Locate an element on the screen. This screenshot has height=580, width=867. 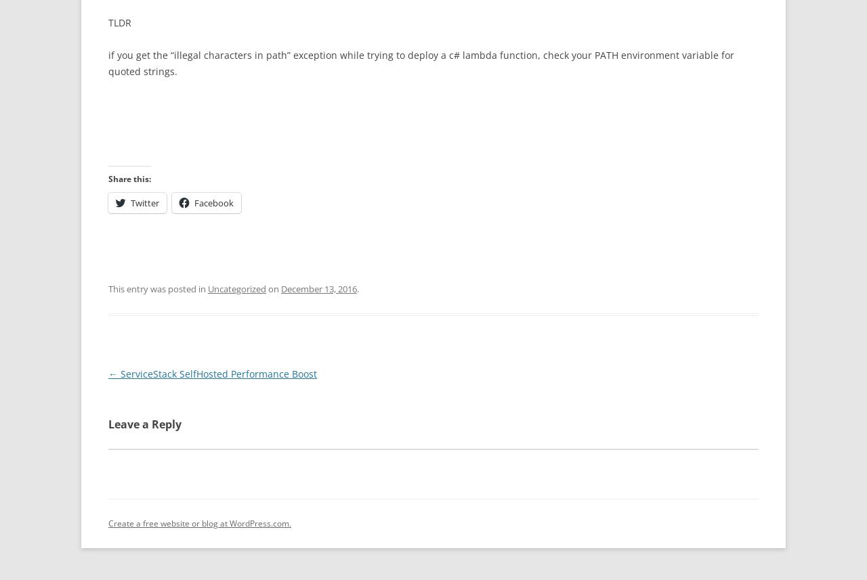
'December 13, 2016' is located at coordinates (318, 288).